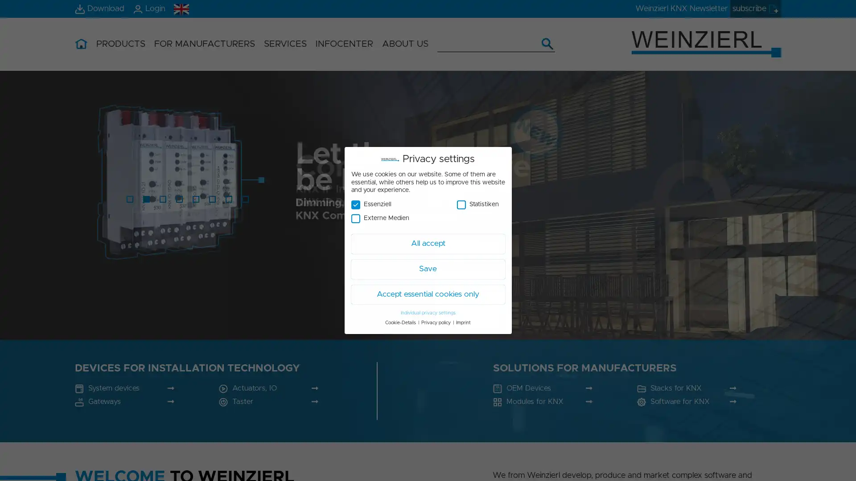 The height and width of the screenshot is (481, 856). I want to click on Individual privacy settings, so click(427, 312).